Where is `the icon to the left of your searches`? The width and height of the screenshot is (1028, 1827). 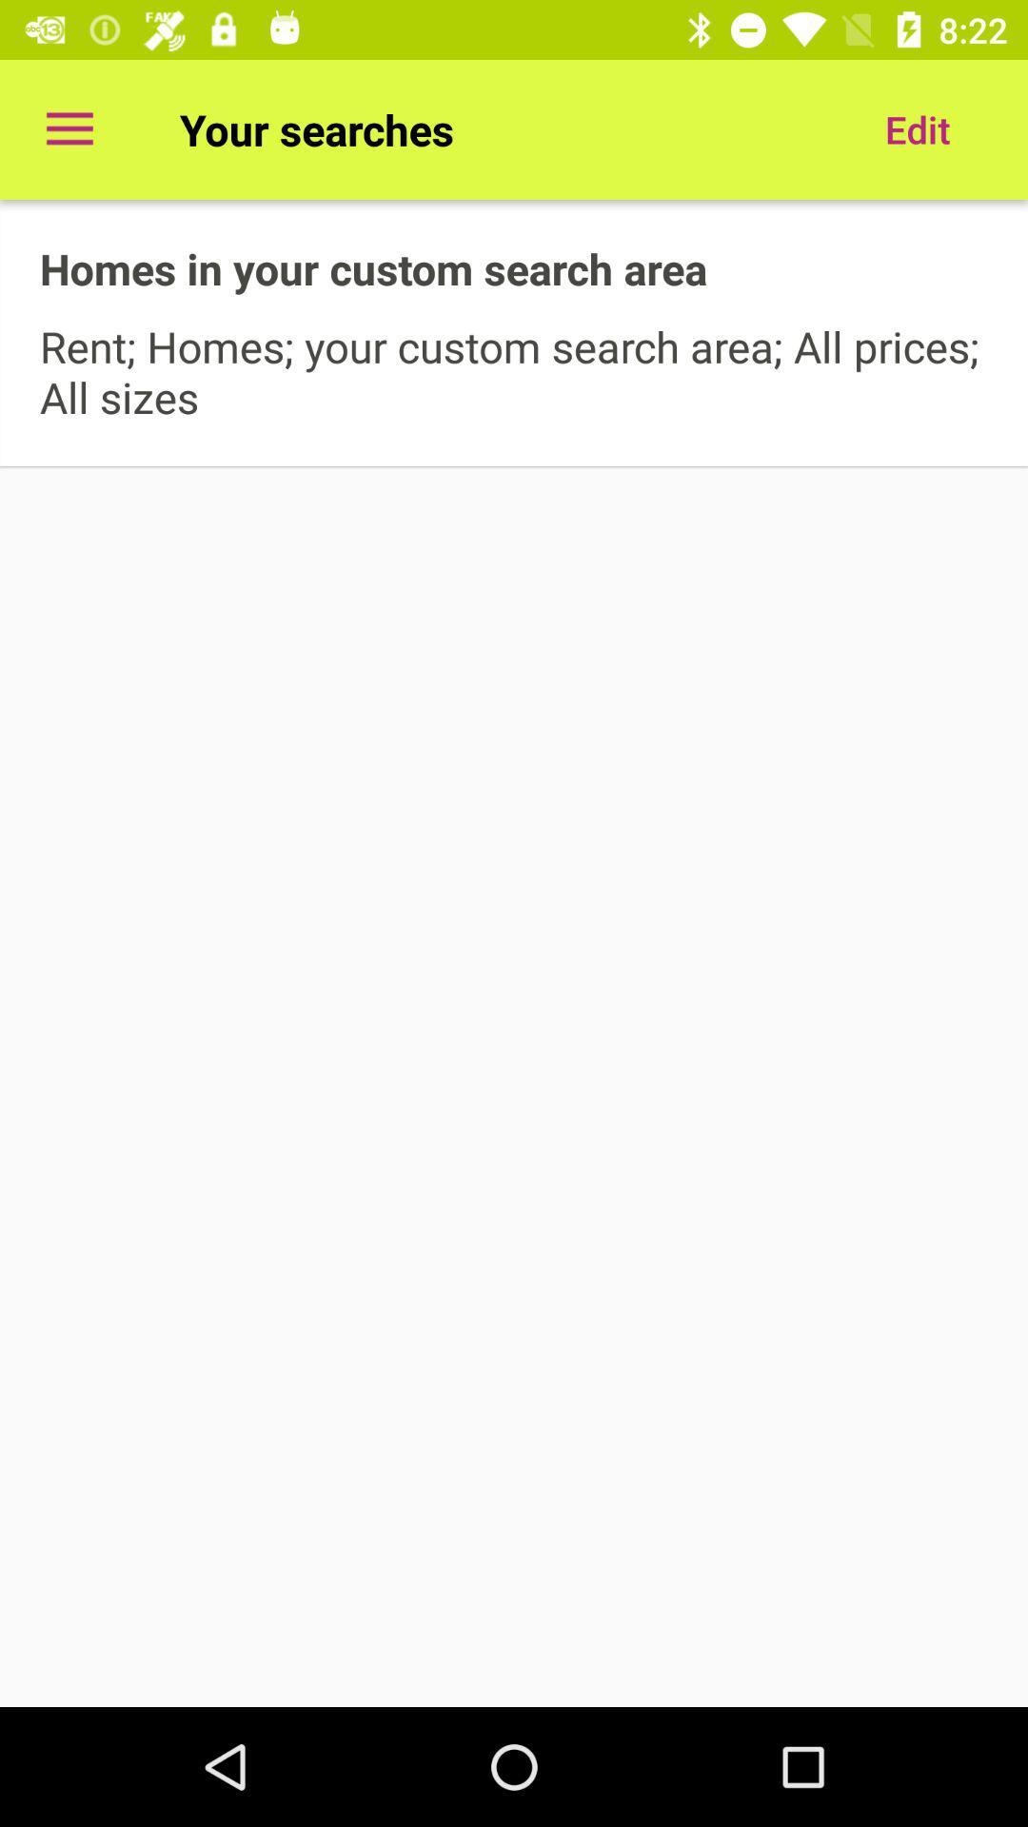
the icon to the left of your searches is located at coordinates (69, 128).